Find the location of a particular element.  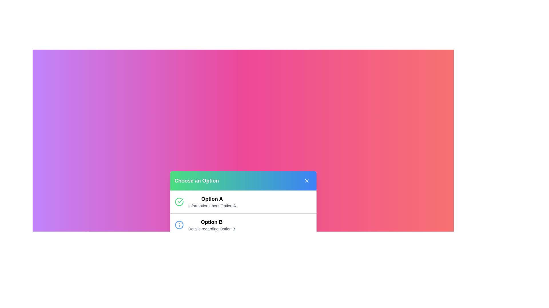

the area corresponding to Option A to select it is located at coordinates (212, 201).